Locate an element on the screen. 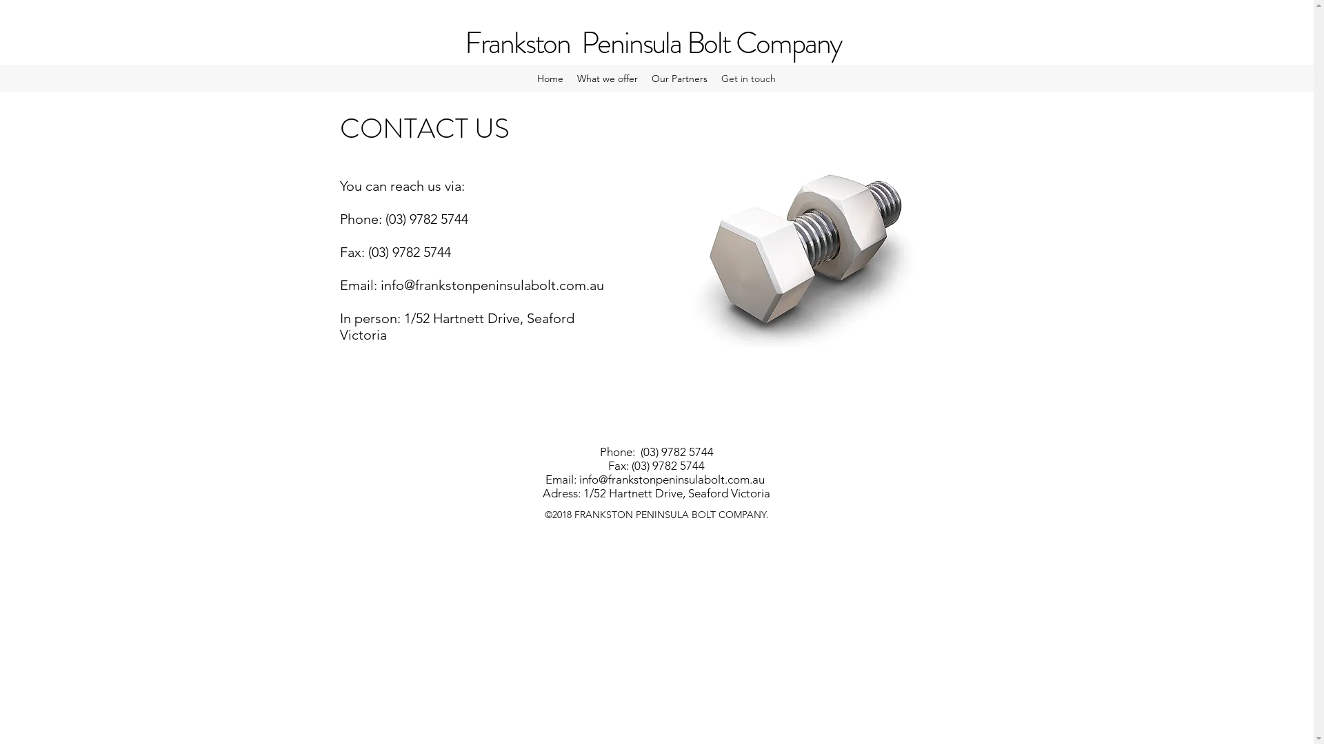 The image size is (1324, 744). 'Get in touch' is located at coordinates (748, 79).